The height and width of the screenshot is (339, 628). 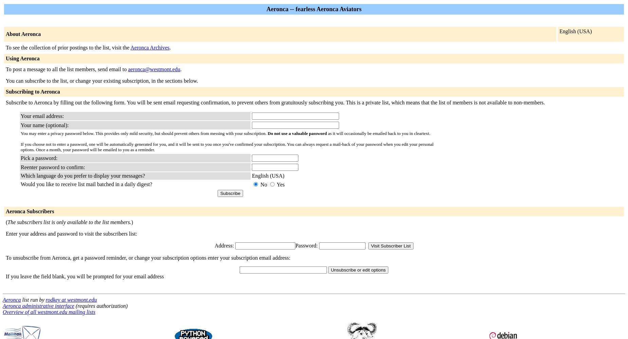 I want to click on 'To post a message to all the list members, send email to', so click(x=67, y=69).